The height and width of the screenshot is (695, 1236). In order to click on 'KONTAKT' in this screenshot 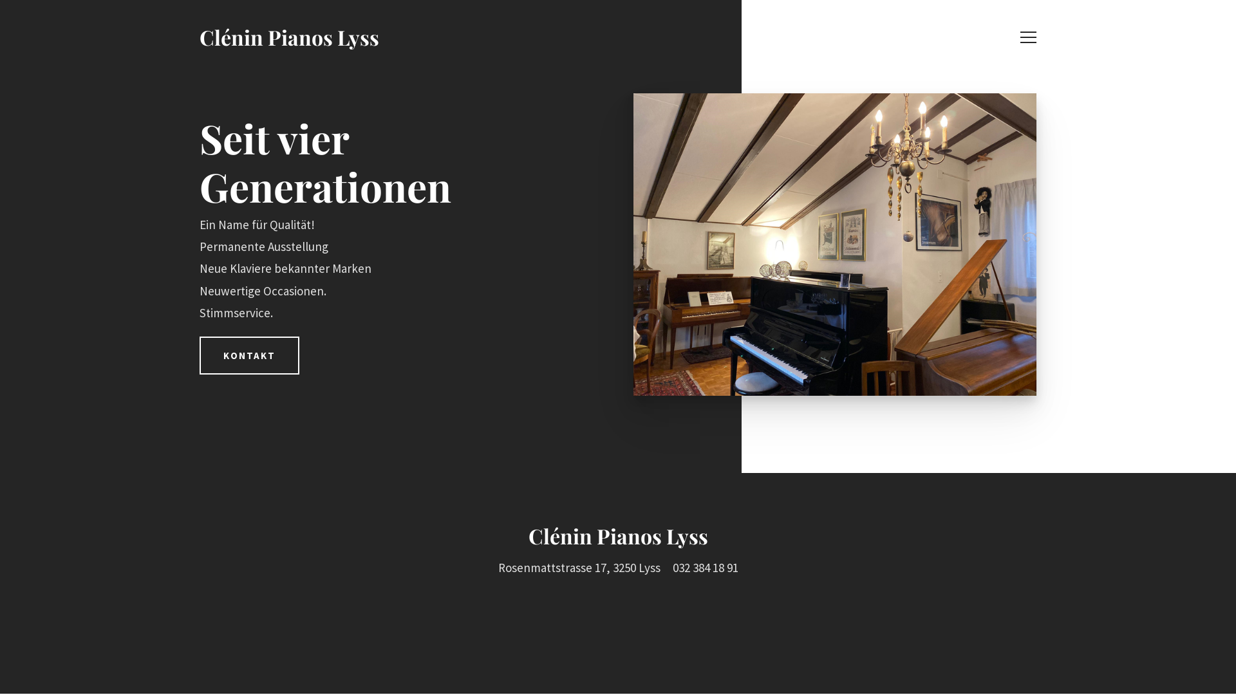, I will do `click(249, 355)`.